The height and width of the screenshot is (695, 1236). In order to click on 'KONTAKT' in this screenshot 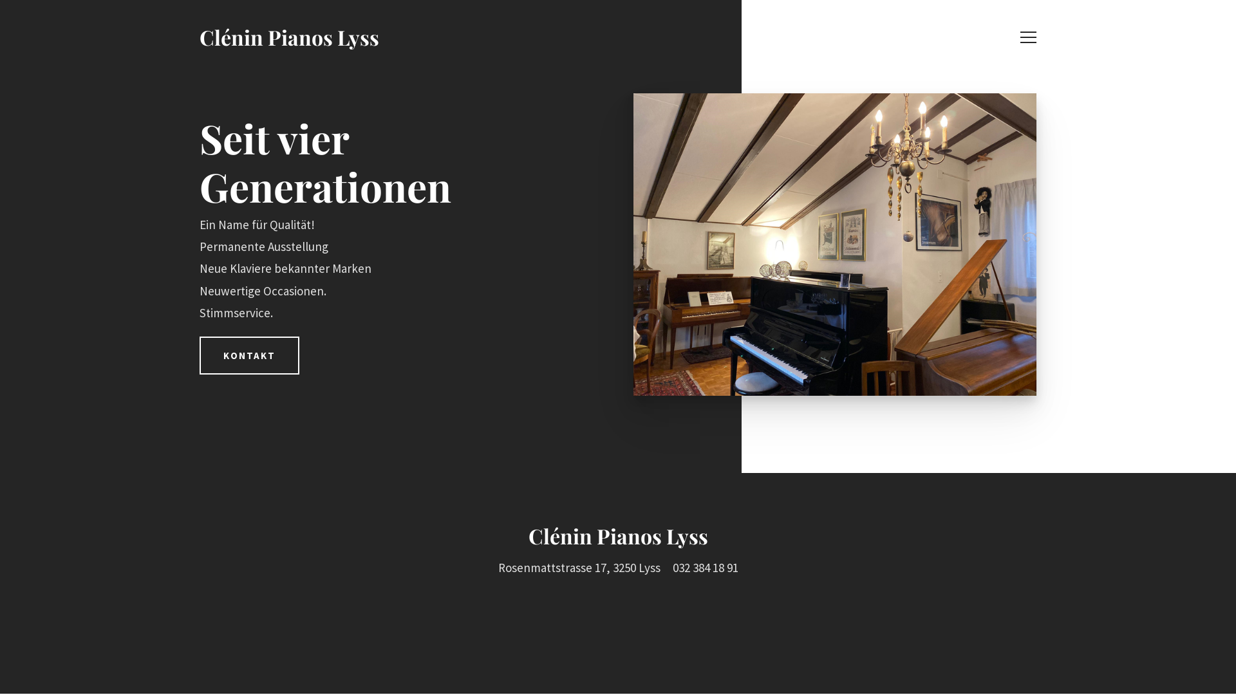, I will do `click(249, 355)`.